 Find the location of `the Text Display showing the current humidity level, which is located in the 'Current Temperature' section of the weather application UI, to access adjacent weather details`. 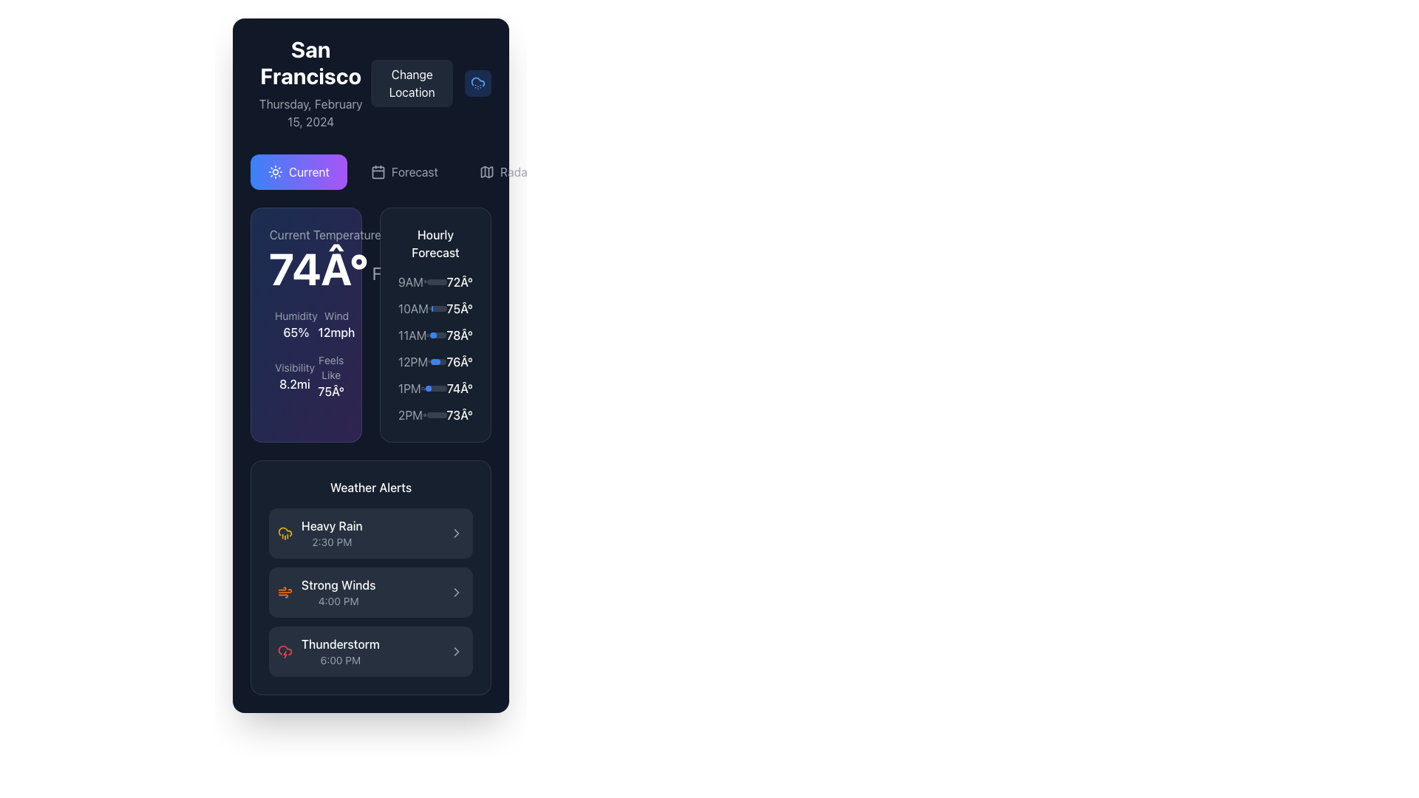

the Text Display showing the current humidity level, which is located in the 'Current Temperature' section of the weather application UI, to access adjacent weather details is located at coordinates (296, 324).